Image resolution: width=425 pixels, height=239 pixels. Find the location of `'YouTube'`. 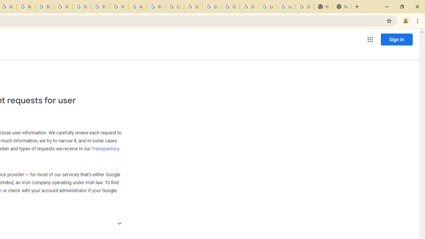

'YouTube' is located at coordinates (119, 7).